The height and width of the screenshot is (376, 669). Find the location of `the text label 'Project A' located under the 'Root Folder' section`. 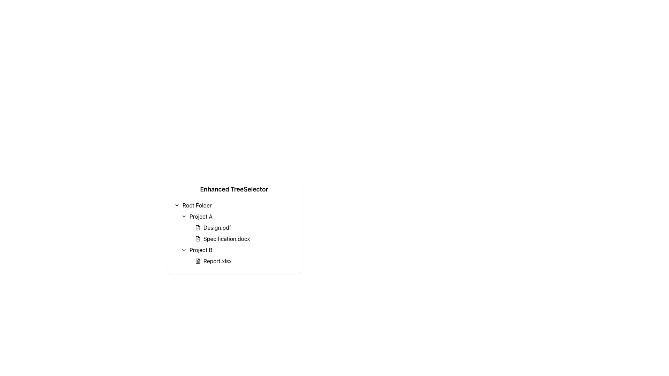

the text label 'Project A' located under the 'Root Folder' section is located at coordinates (200, 216).